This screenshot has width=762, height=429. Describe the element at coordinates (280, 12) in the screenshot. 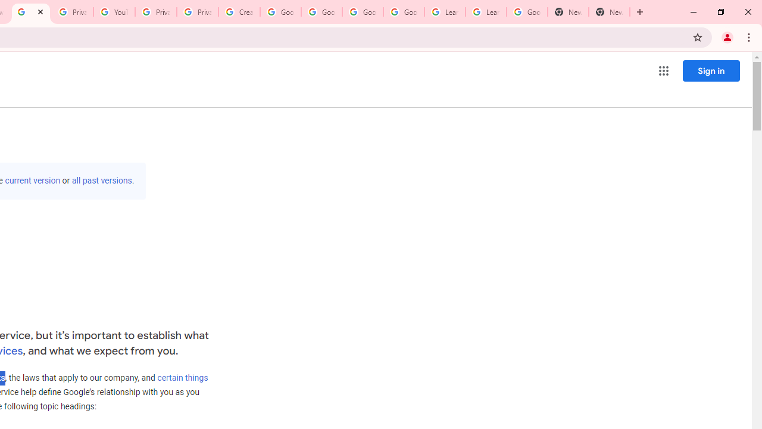

I see `'Google Account Help'` at that location.